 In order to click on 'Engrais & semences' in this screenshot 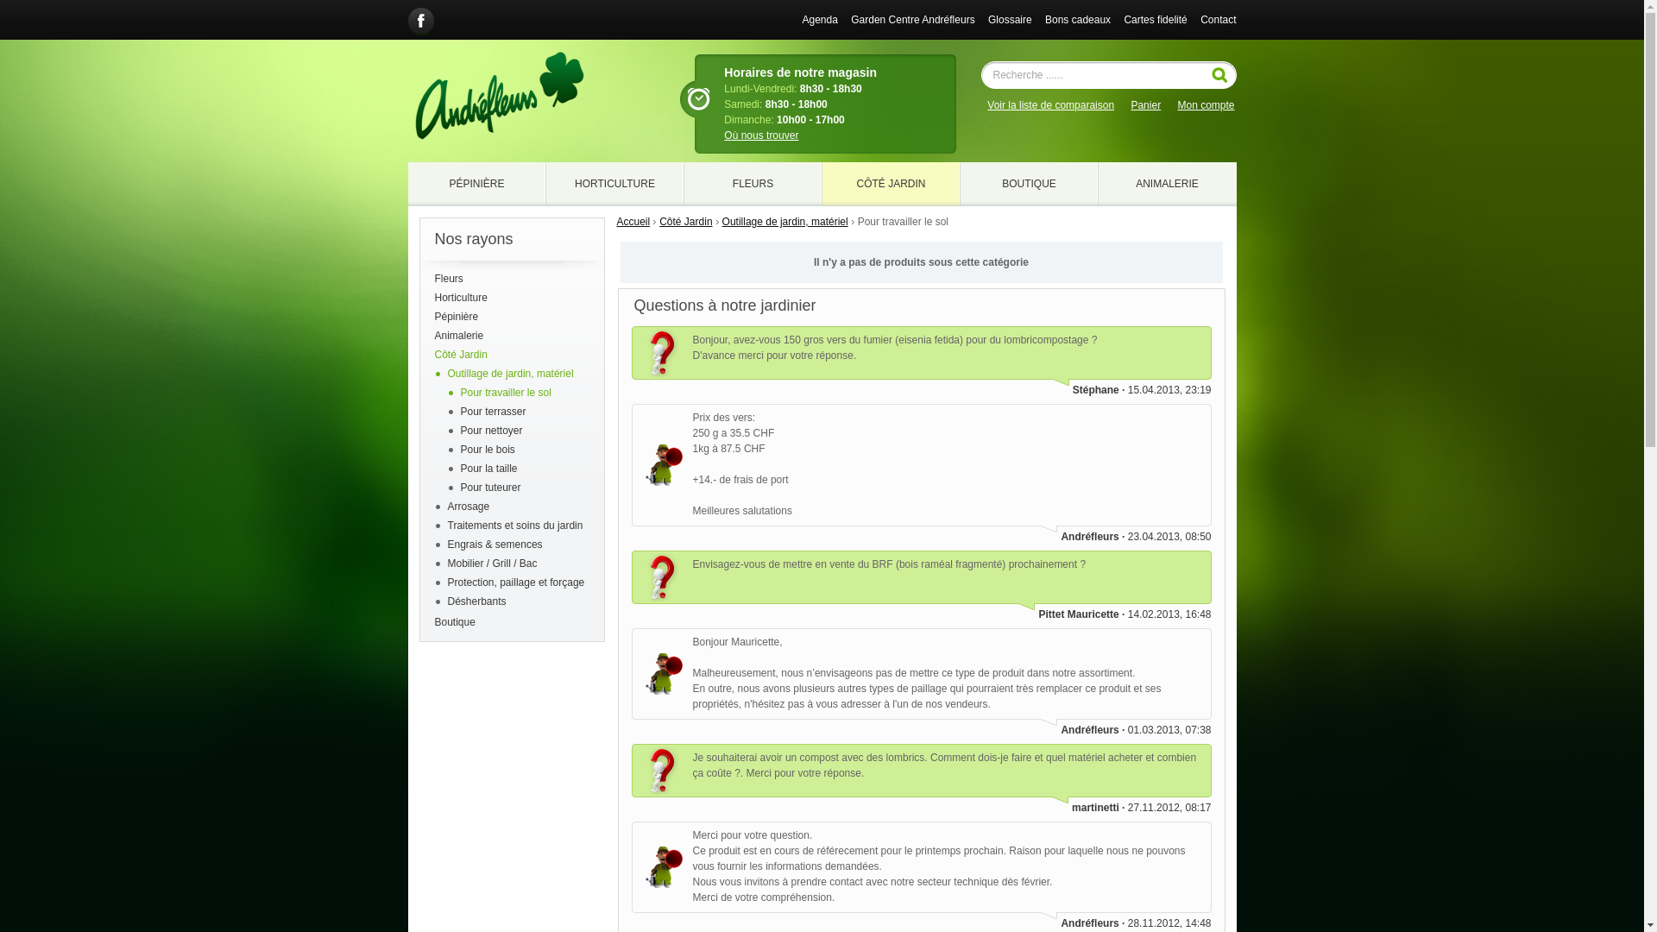, I will do `click(493, 545)`.